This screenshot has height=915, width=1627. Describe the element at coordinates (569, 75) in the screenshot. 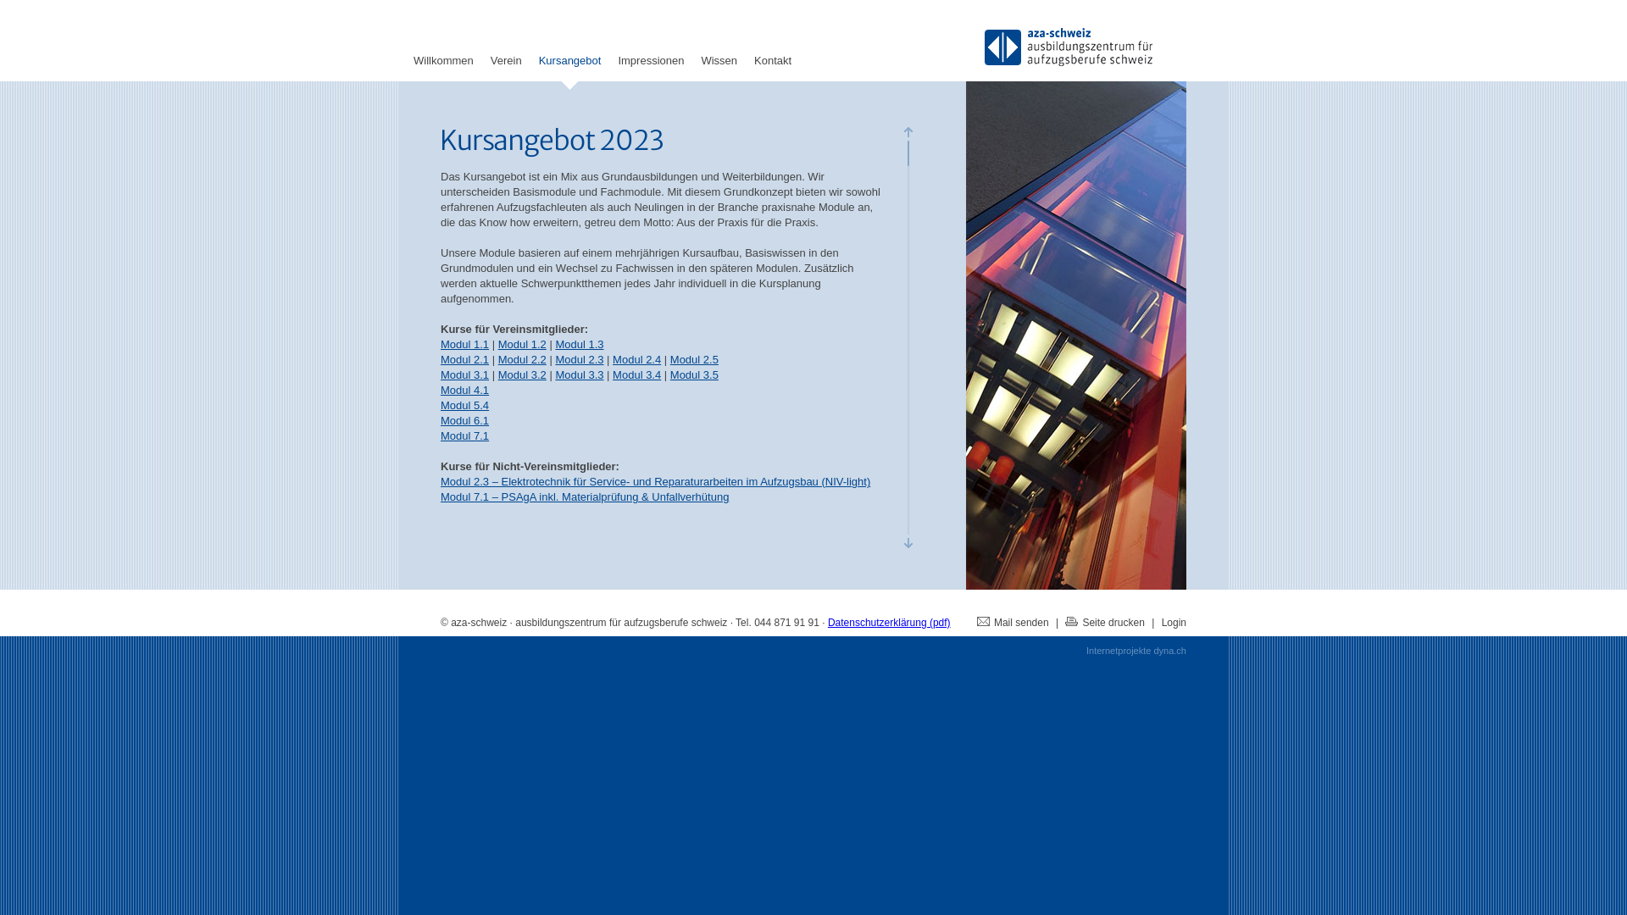

I see `'Kursangebot'` at that location.